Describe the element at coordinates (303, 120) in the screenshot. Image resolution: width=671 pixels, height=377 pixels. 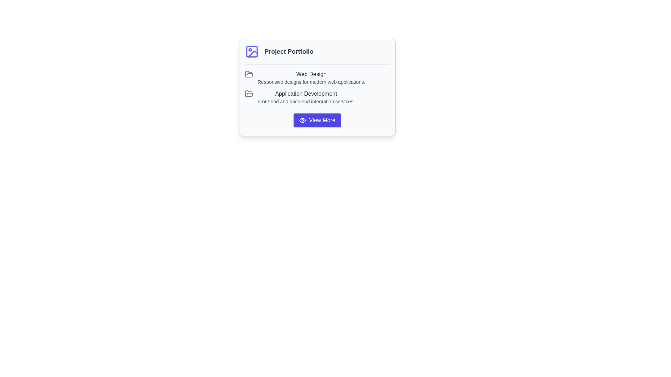
I see `the eye icon outline represented by the SVG graphical component within the 'Project Portfolio' card` at that location.